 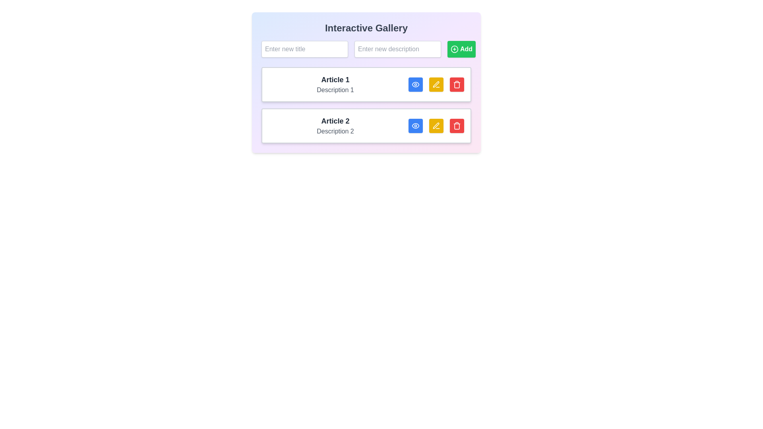 What do you see at coordinates (415, 84) in the screenshot?
I see `the first action button located to the right of the textual content in the first list item` at bounding box center [415, 84].